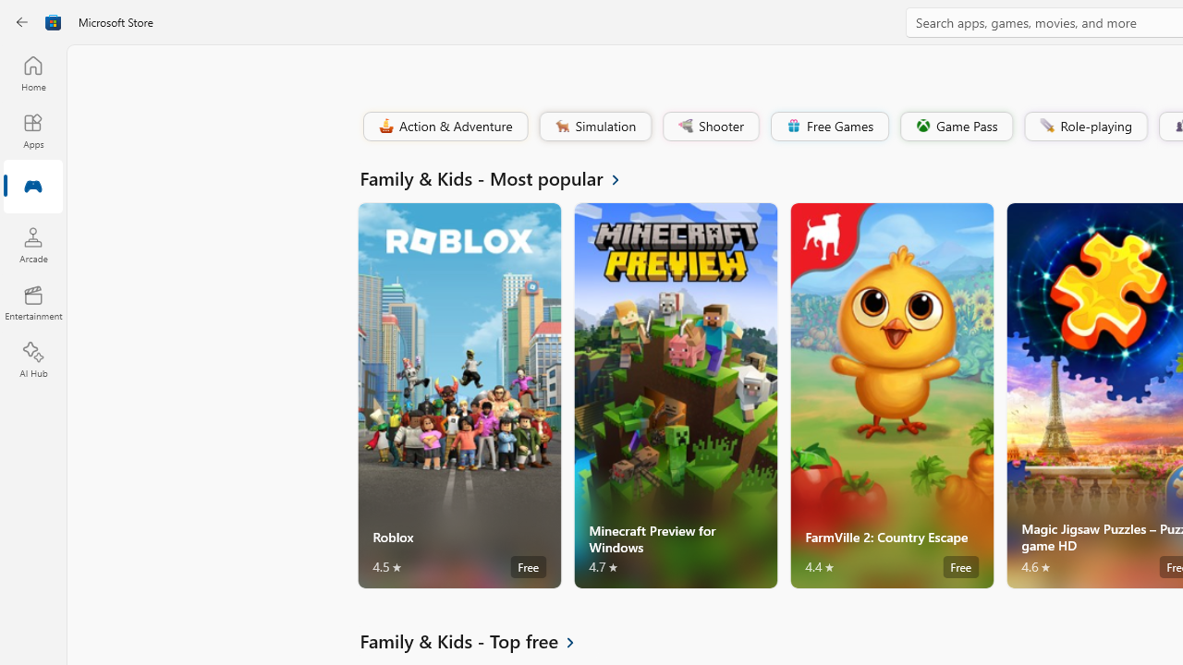 This screenshot has width=1183, height=665. I want to click on 'Game Pass', so click(955, 125).